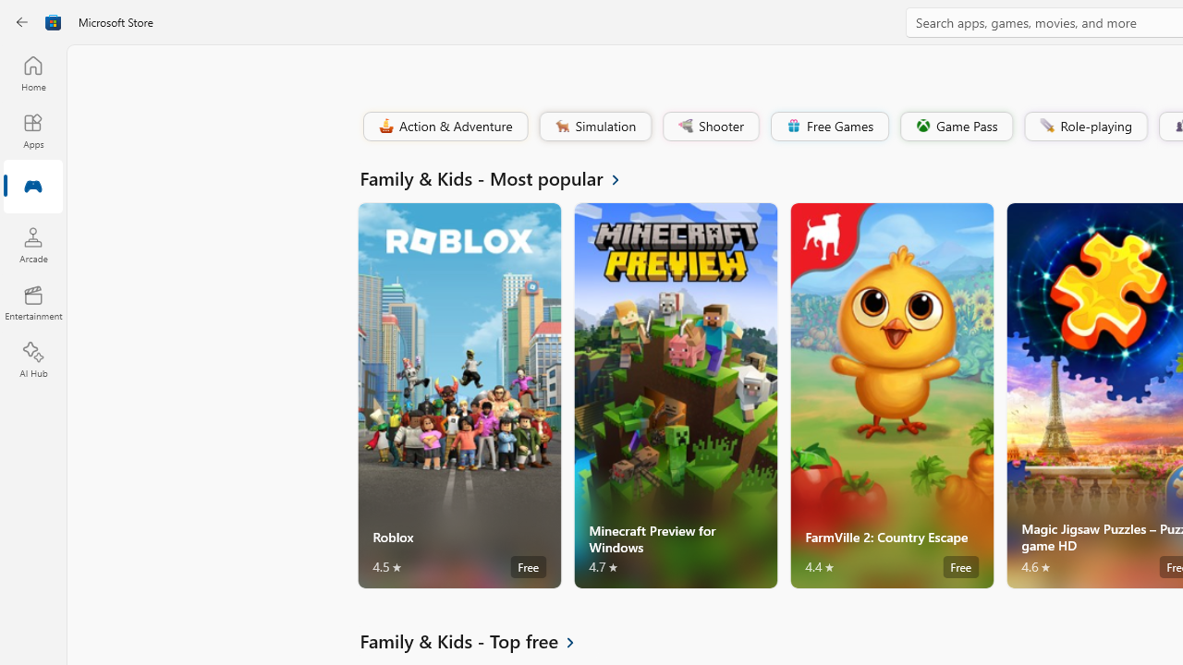 This screenshot has width=1183, height=665. I want to click on 'Game Pass', so click(955, 125).